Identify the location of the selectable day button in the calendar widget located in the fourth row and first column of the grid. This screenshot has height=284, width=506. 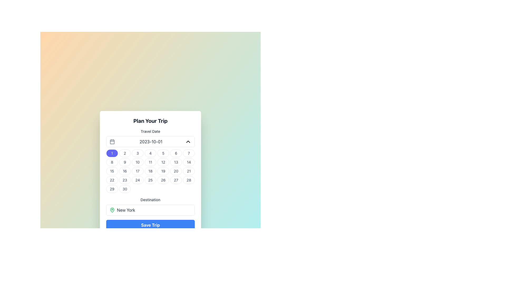
(112, 180).